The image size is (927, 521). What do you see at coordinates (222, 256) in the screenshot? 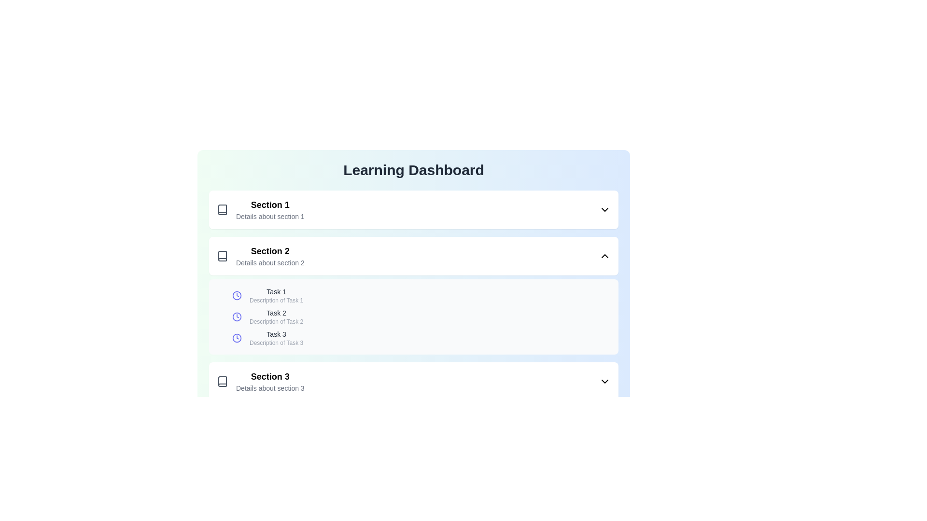
I see `the icon labeled Section 2 to provide visual feedback` at bounding box center [222, 256].